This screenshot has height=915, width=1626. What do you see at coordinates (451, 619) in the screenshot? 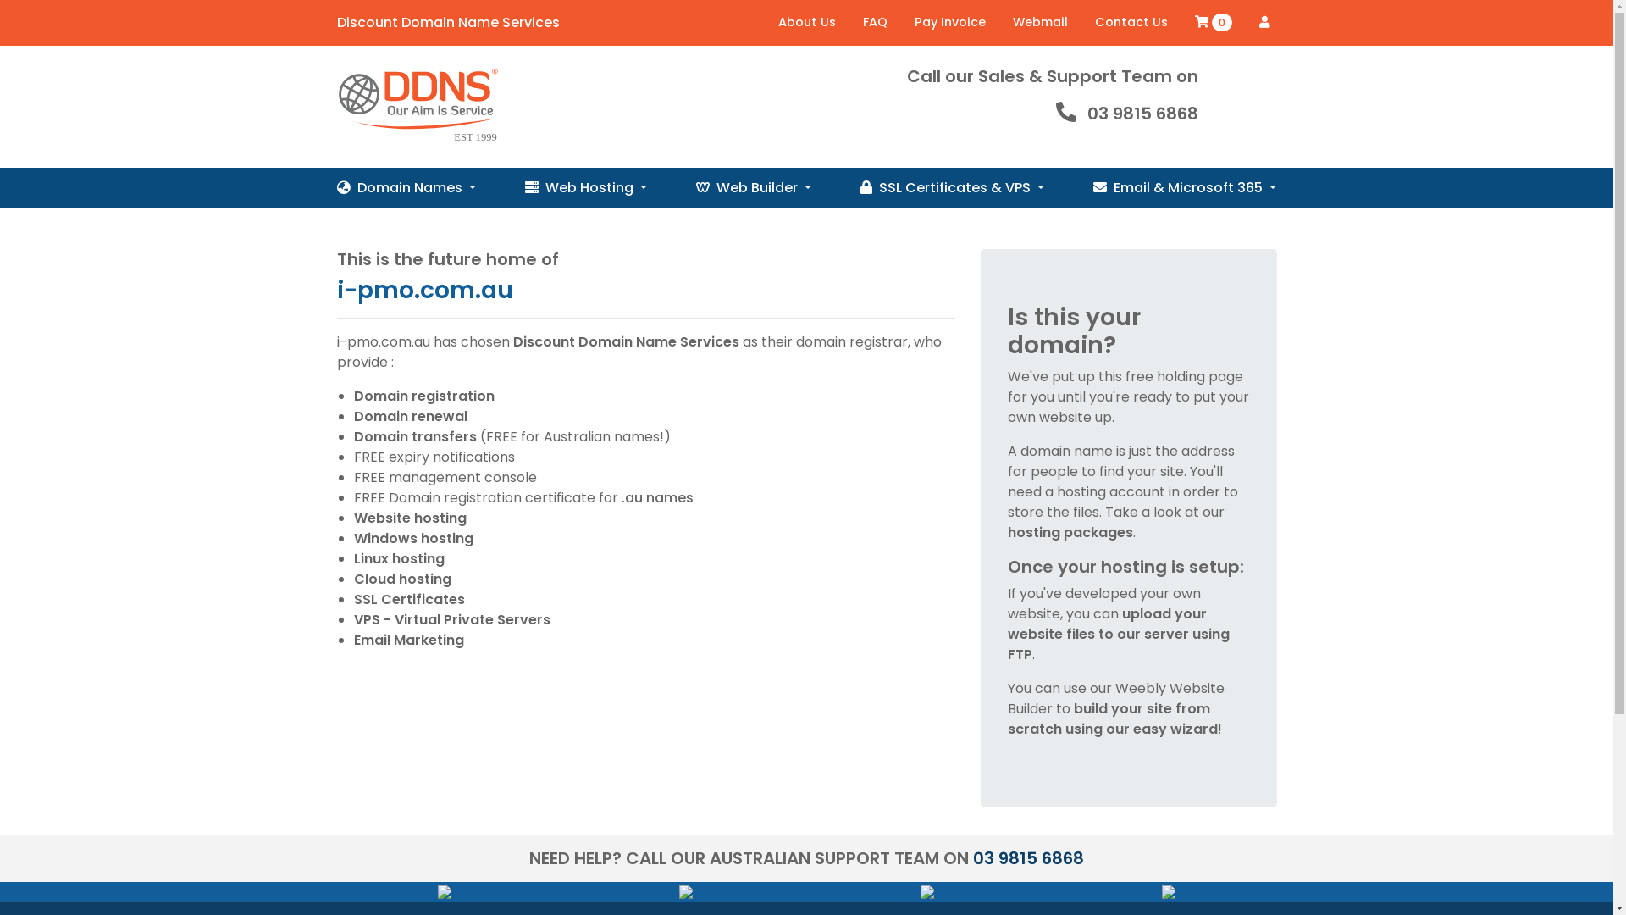
I see `'VPS - Virtual Private Servers'` at bounding box center [451, 619].